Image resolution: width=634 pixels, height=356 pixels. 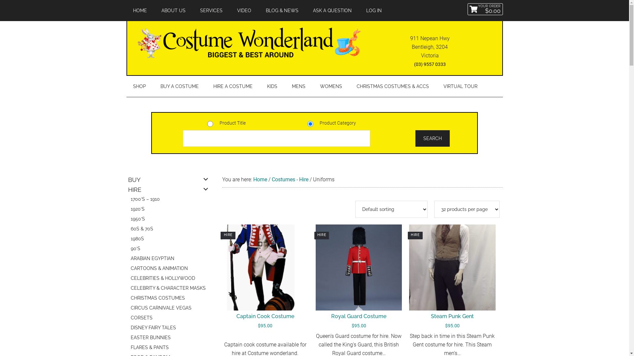 What do you see at coordinates (168, 328) in the screenshot?
I see `'DISNEY FAIRY TALES'` at bounding box center [168, 328].